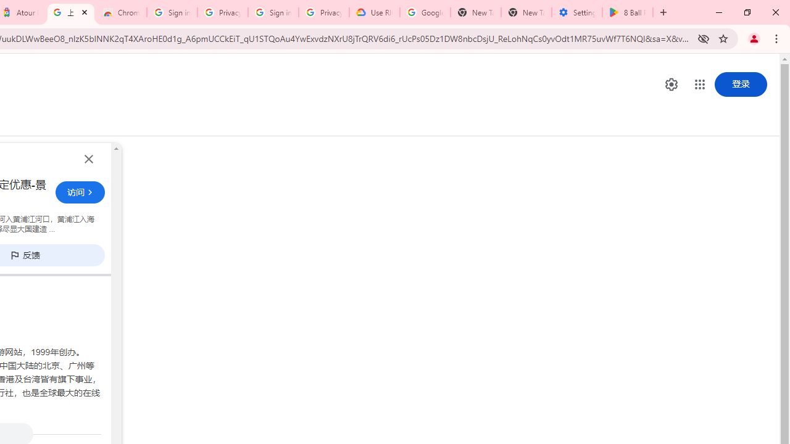 This screenshot has height=444, width=790. Describe the element at coordinates (627, 12) in the screenshot. I see `'8 Ball Pool - Apps on Google Play'` at that location.